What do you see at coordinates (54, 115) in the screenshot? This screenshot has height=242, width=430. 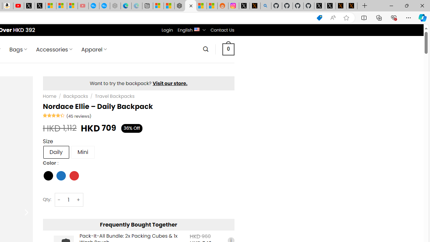 I see `'Rated 4.33 out of 5'` at bounding box center [54, 115].